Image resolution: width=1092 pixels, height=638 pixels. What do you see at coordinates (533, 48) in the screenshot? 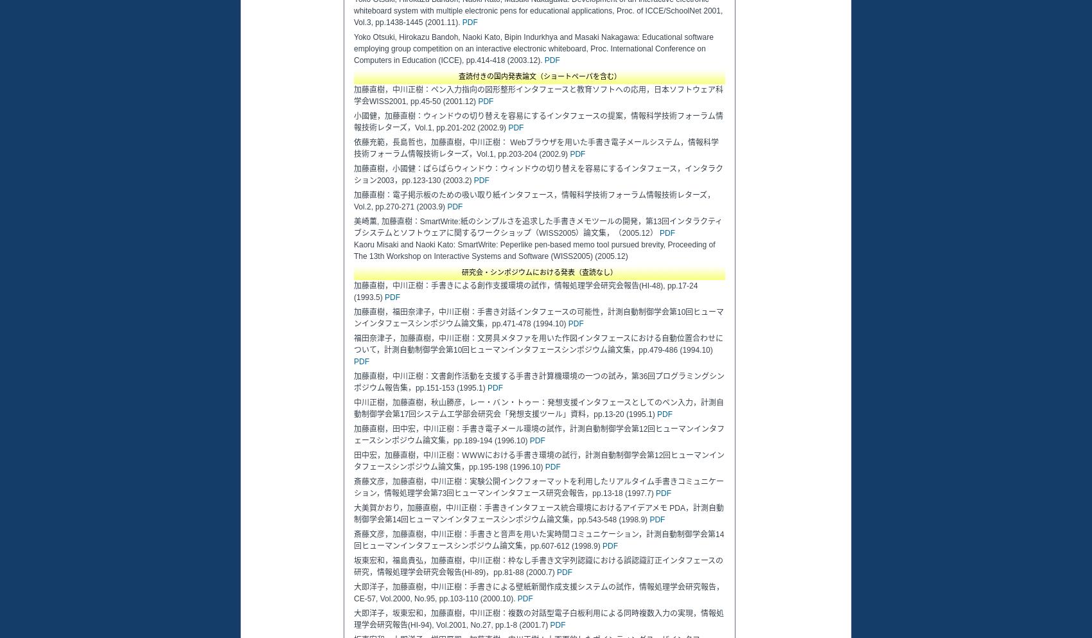
I see `'Yoko Otsuki, Hirokazu Bandoh, Naoki Kato, Bipin Indurkhya and Masaki Nakagawa: Educational software employing group competition on an interactive electronic whiteboard, Proc. International Conference on Computers in Education (ICCE), pp.414-418 (2003.12).'` at bounding box center [533, 48].